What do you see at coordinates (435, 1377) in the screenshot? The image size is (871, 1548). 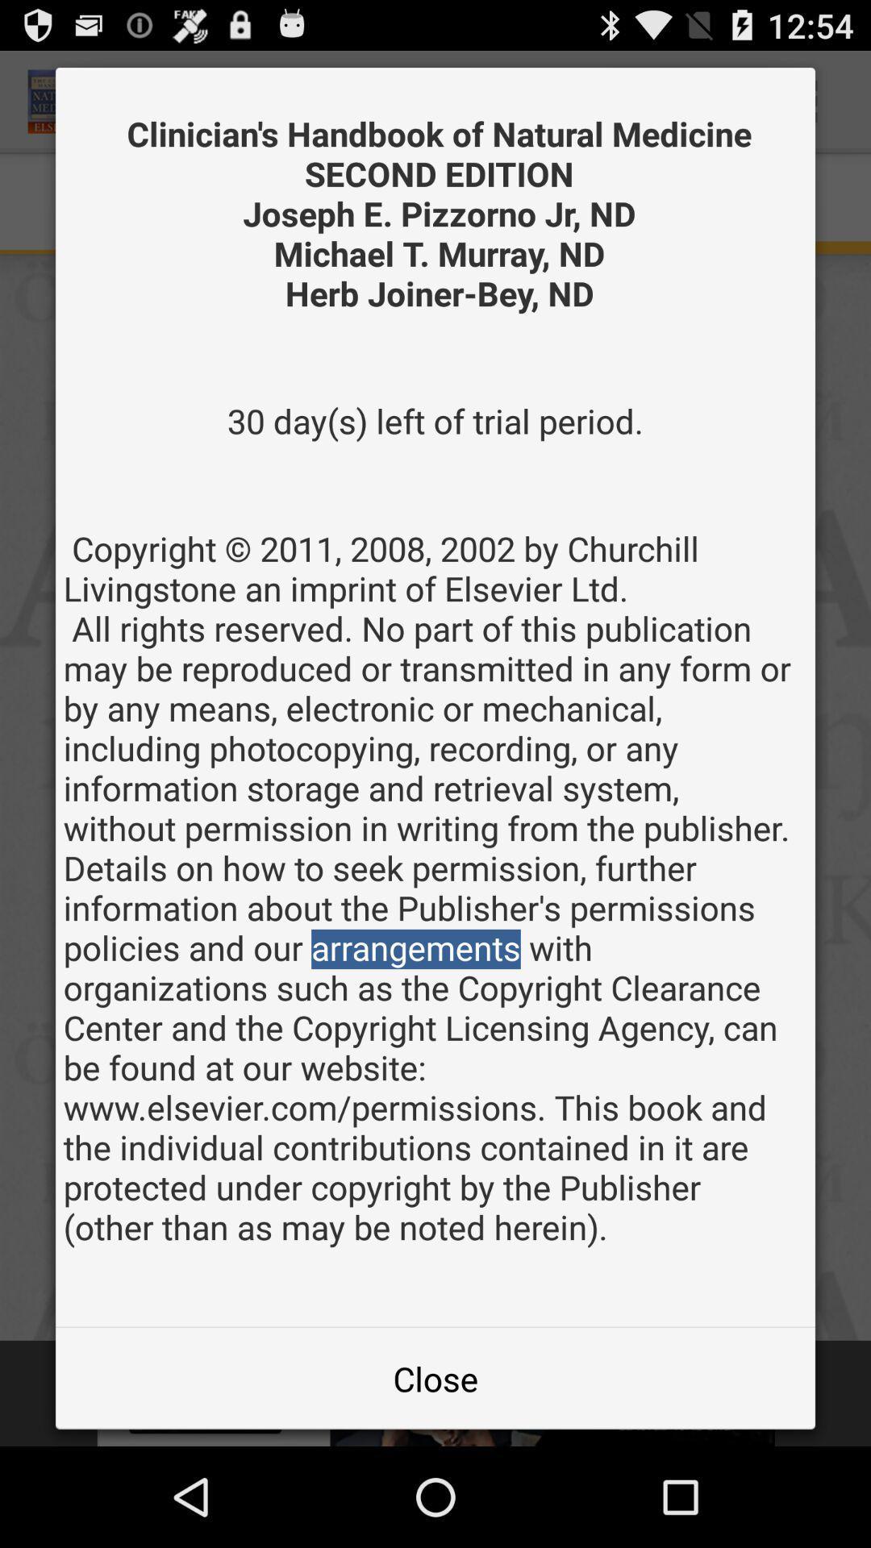 I see `the item at the bottom` at bounding box center [435, 1377].